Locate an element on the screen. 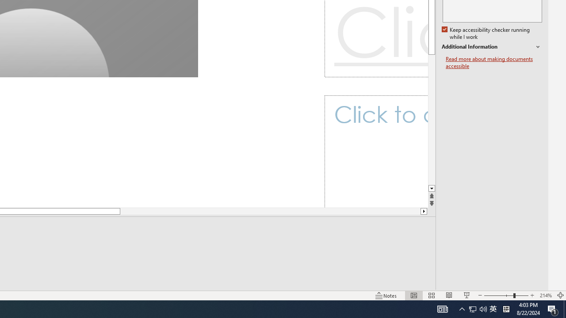 Image resolution: width=566 pixels, height=318 pixels. 'Zoom 214%' is located at coordinates (545, 295).